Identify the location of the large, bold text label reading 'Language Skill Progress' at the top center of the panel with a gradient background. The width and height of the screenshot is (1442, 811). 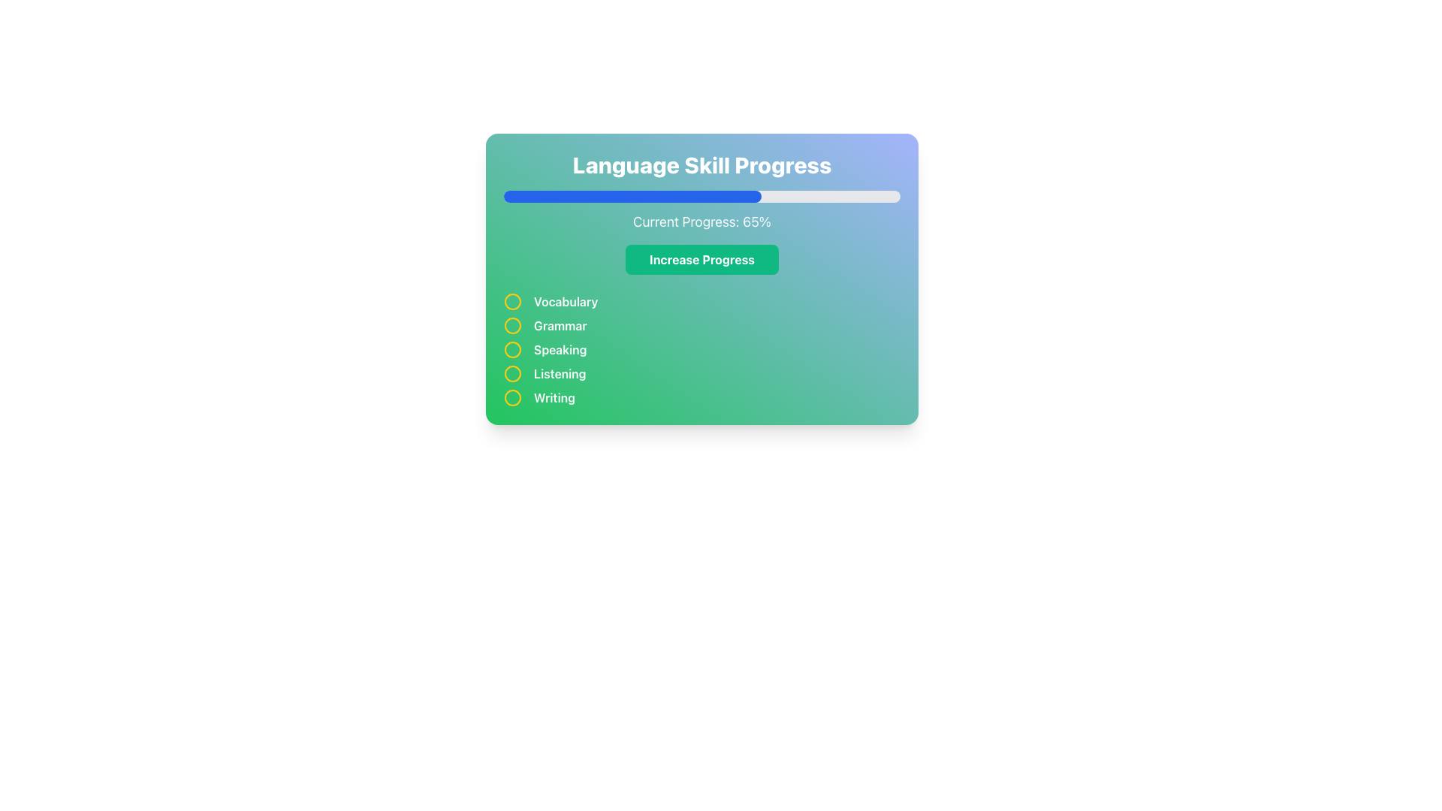
(701, 164).